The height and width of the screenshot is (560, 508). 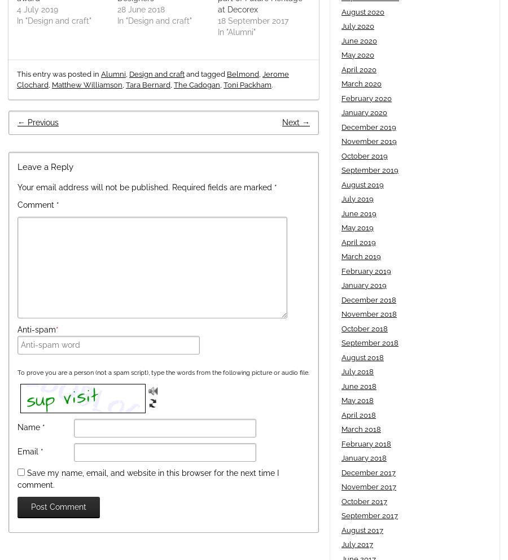 I want to click on 'February 2019', so click(x=366, y=270).